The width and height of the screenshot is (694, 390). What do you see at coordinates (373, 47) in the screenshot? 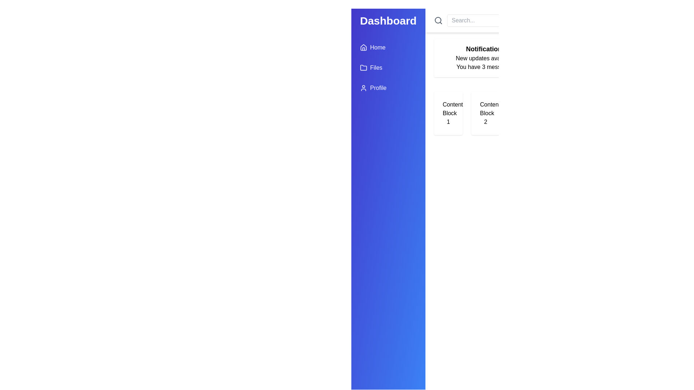
I see `the 'Home' button in the vertical navigation menu, which is the first item with a house-shaped icon and a blue background` at bounding box center [373, 47].